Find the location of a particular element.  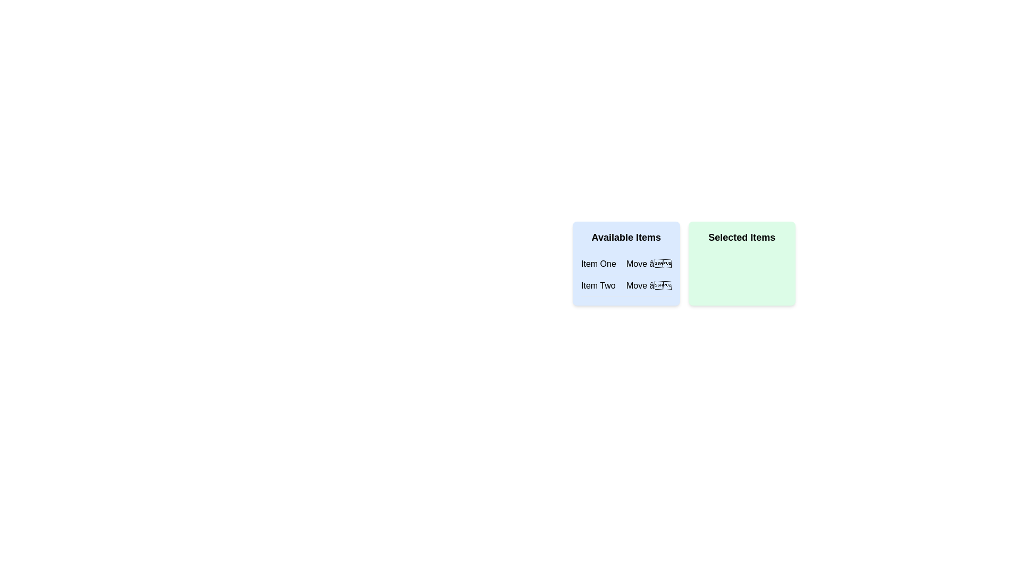

the header of Available Items group is located at coordinates (626, 237).